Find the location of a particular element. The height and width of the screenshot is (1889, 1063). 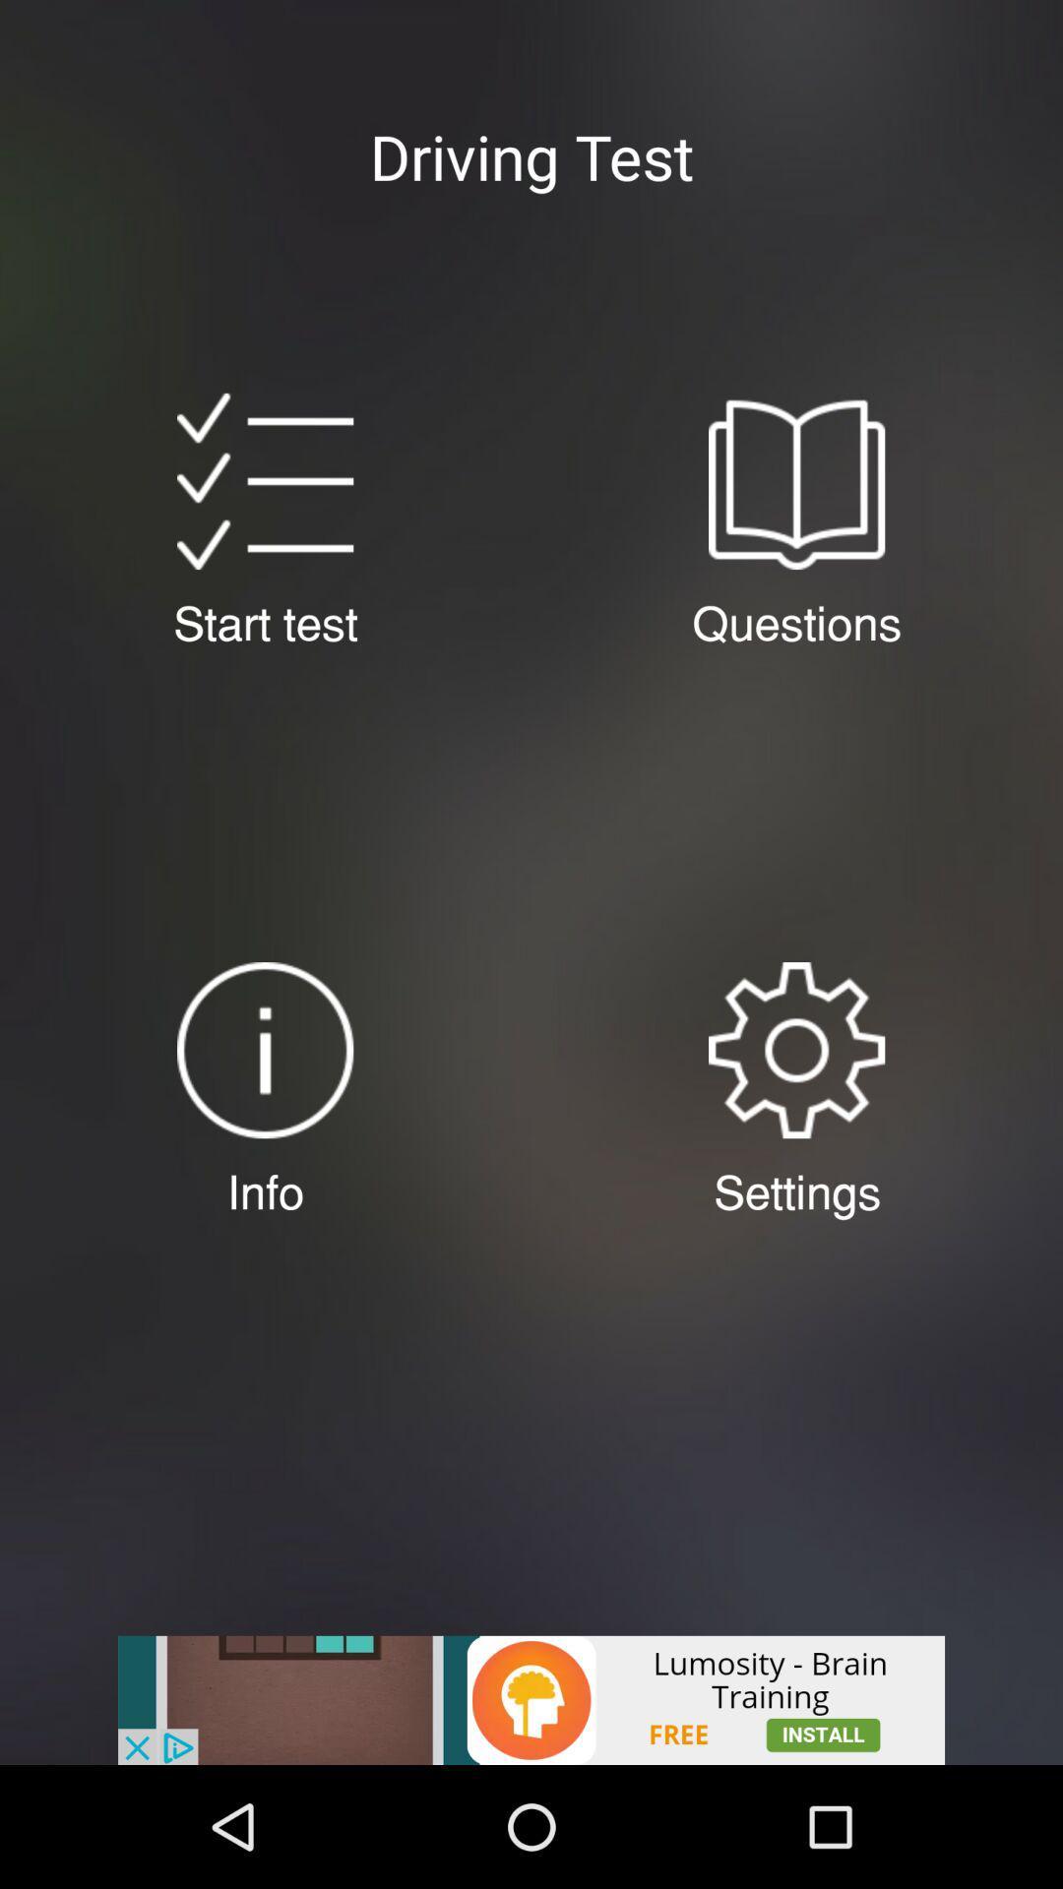

the volume icon is located at coordinates (795, 1124).